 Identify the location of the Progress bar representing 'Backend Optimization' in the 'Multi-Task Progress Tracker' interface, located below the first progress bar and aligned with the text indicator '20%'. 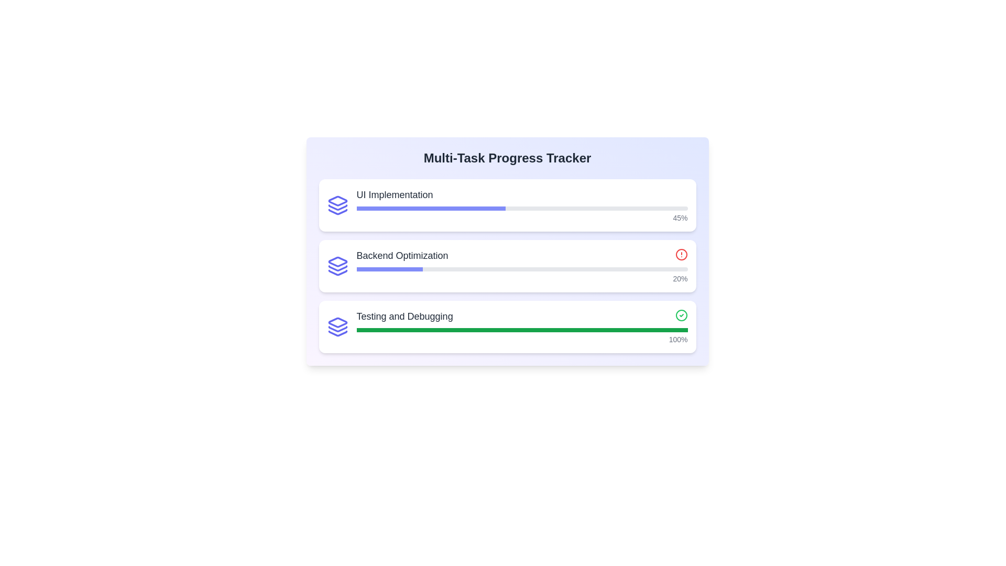
(522, 268).